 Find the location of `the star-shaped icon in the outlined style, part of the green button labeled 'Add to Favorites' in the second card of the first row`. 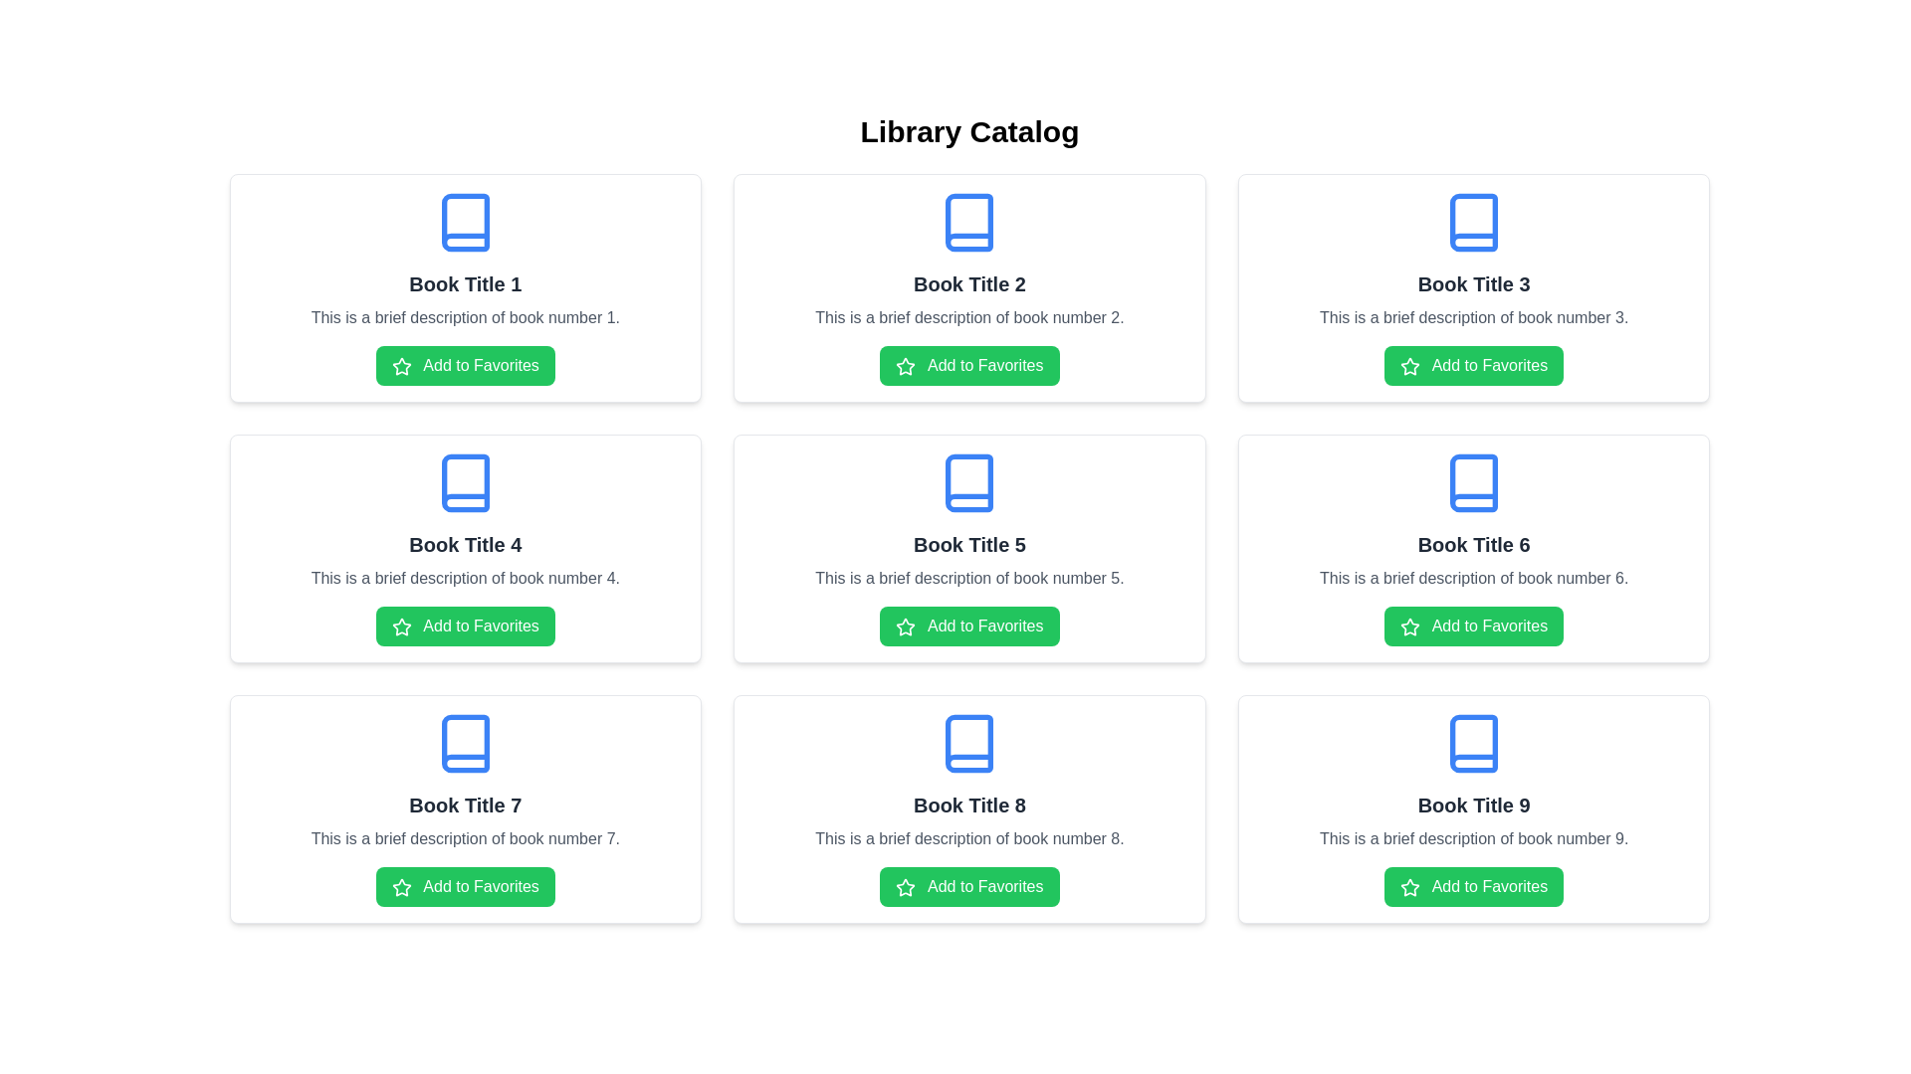

the star-shaped icon in the outlined style, part of the green button labeled 'Add to Favorites' in the second card of the first row is located at coordinates (905, 366).